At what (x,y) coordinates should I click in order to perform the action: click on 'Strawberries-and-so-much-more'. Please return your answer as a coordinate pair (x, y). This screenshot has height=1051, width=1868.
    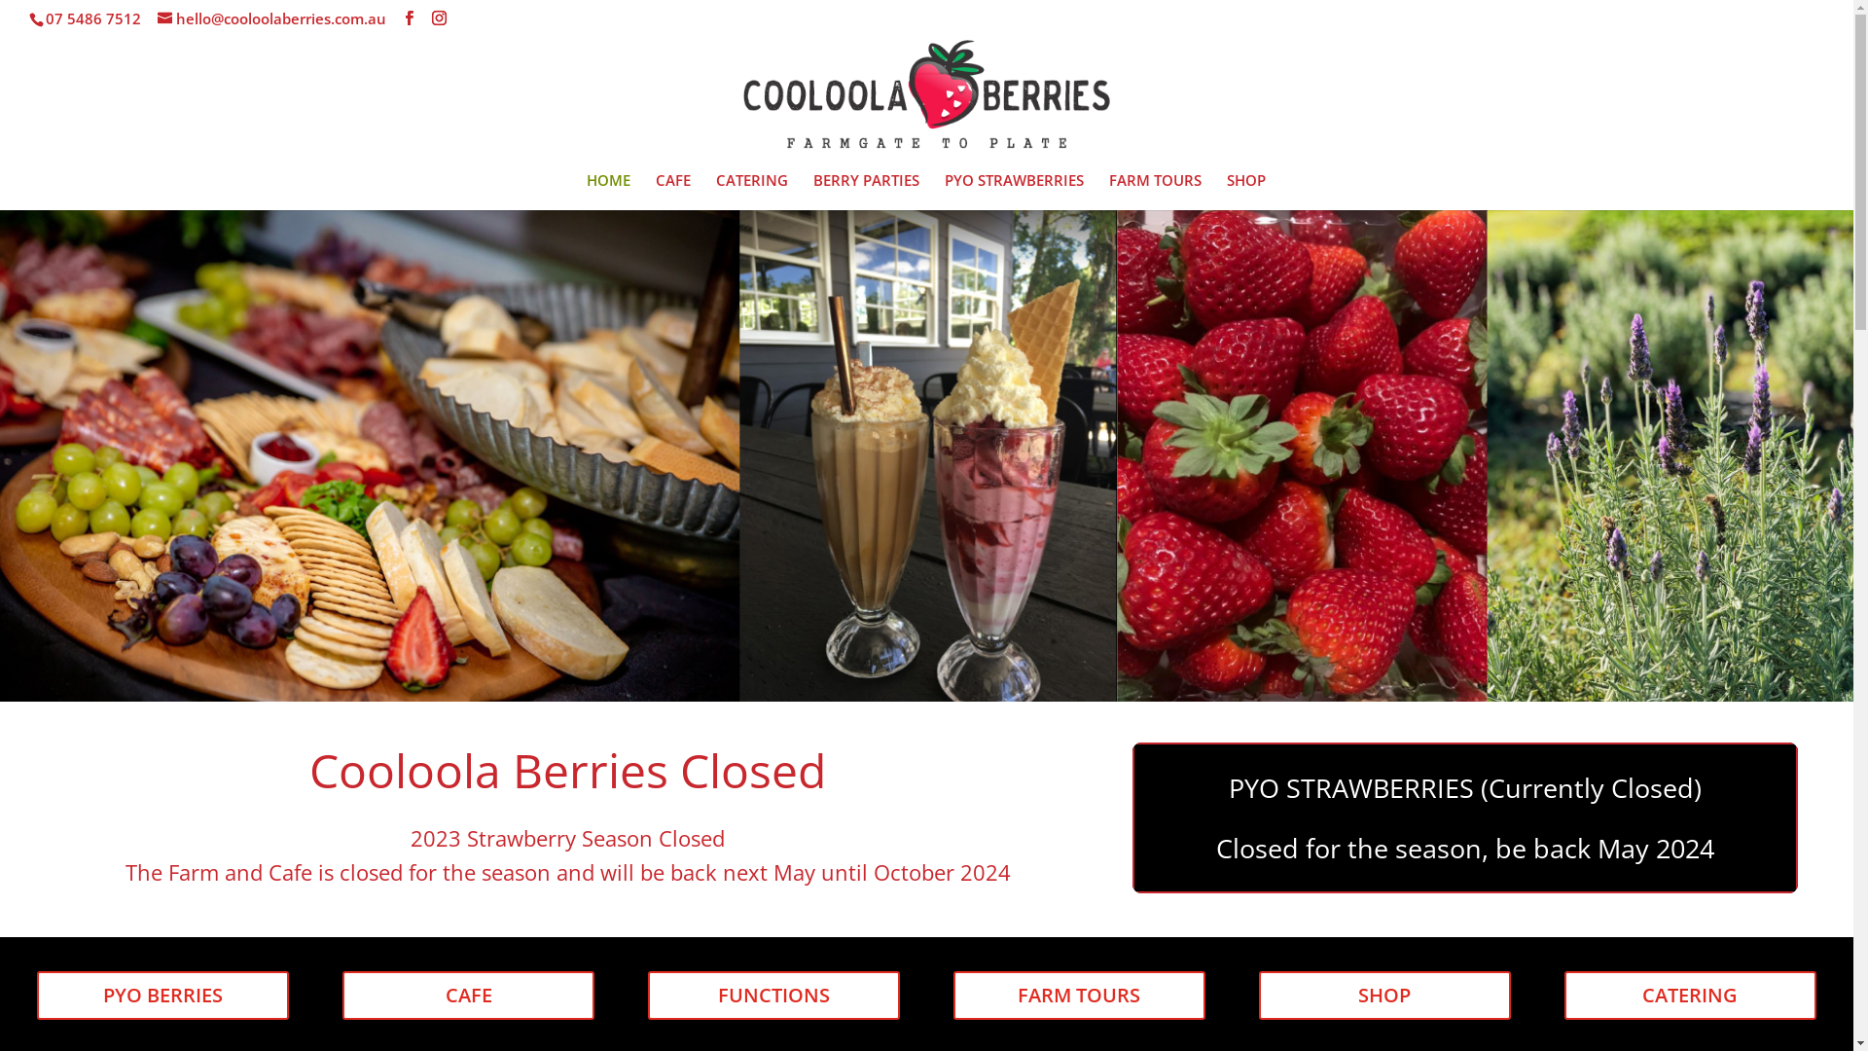
    Looking at the image, I should click on (925, 454).